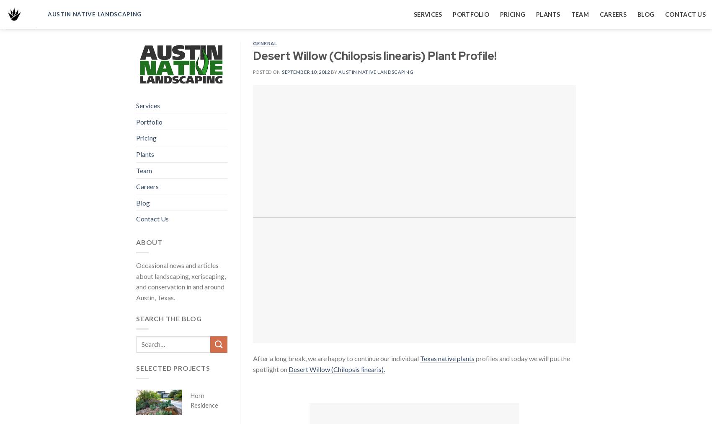  Describe the element at coordinates (446, 358) in the screenshot. I see `'Texas native plants'` at that location.